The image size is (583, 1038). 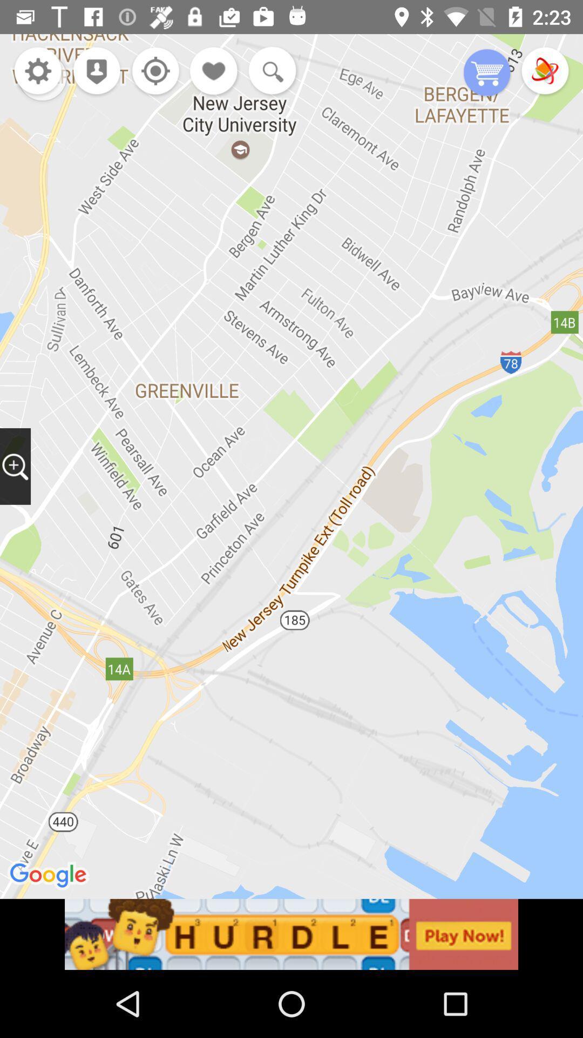 What do you see at coordinates (487, 73) in the screenshot?
I see `open cart` at bounding box center [487, 73].